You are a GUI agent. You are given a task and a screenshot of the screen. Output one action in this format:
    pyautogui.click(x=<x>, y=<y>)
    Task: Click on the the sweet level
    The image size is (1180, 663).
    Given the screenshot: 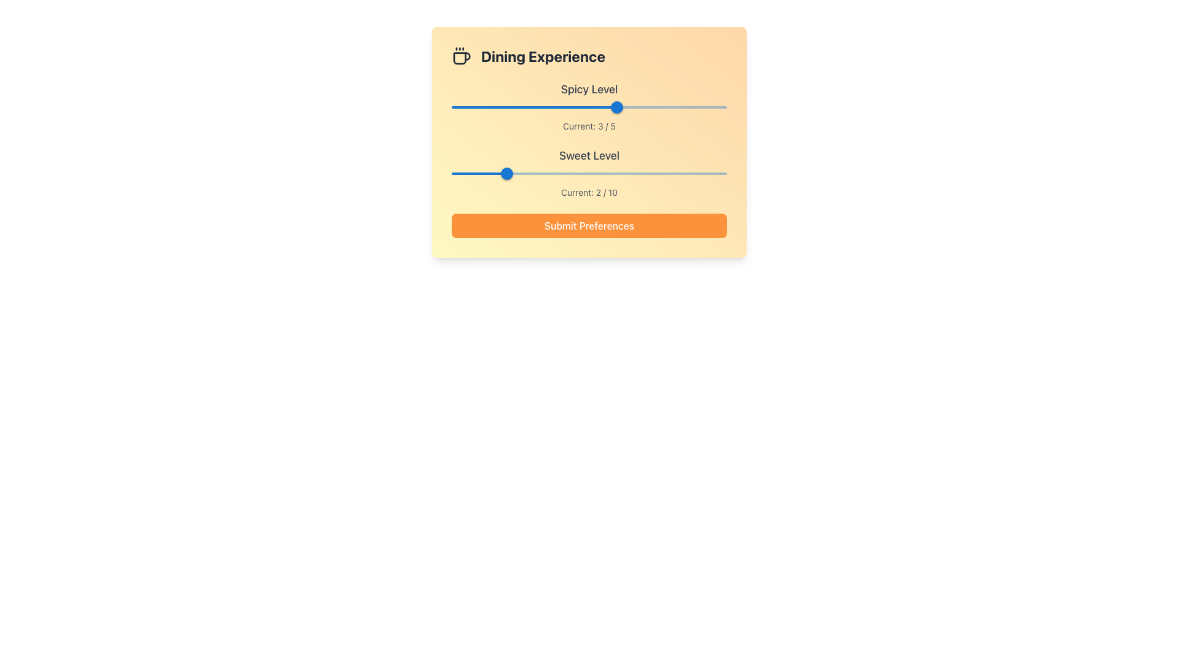 What is the action you would take?
    pyautogui.click(x=481, y=173)
    